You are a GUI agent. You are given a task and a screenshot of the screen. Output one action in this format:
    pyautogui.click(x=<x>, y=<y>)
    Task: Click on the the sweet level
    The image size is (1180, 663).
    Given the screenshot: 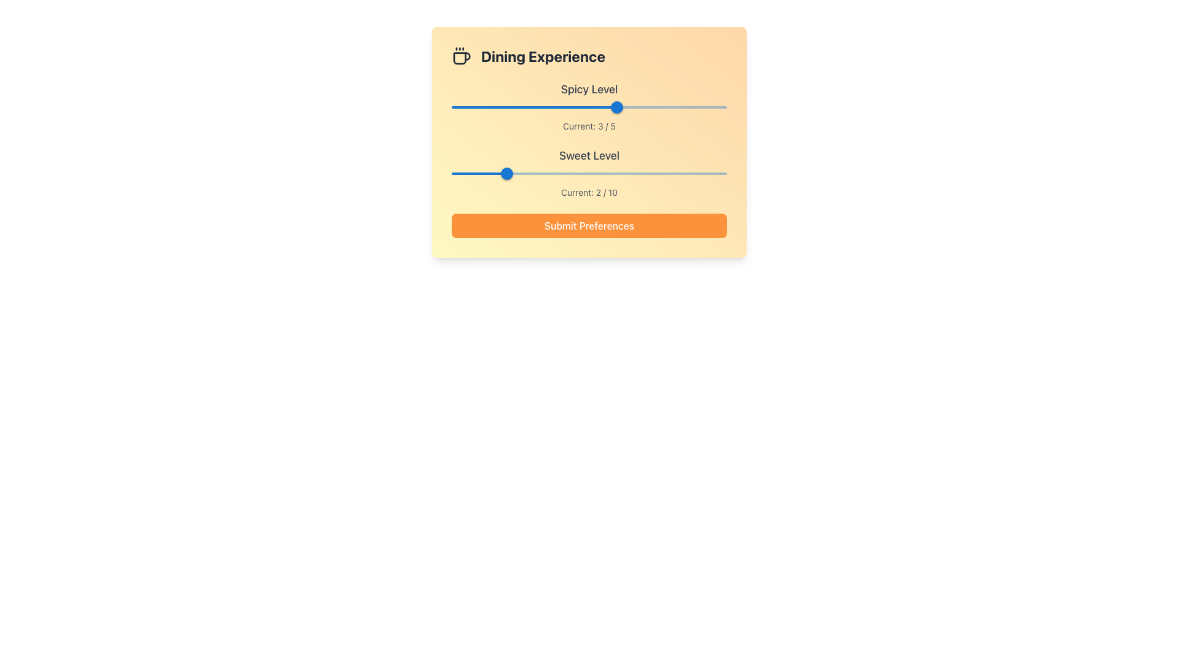 What is the action you would take?
    pyautogui.click(x=481, y=173)
    